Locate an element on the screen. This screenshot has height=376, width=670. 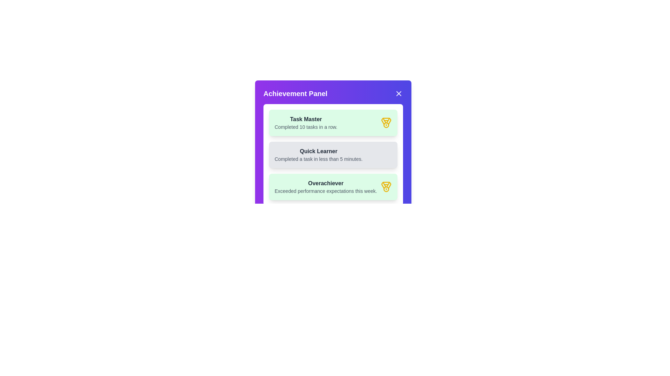
the Achievement Display Component displaying the title 'Overachiever' and the subtitle 'Exceeded performance expectations this week.' is located at coordinates (325, 186).